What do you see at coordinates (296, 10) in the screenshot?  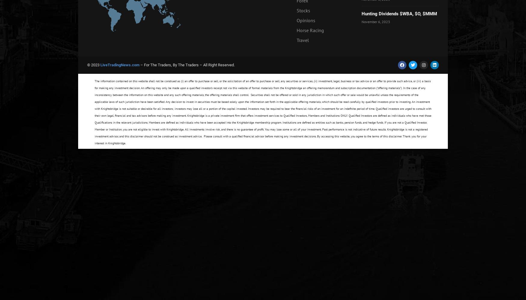 I see `'Stocks'` at bounding box center [296, 10].